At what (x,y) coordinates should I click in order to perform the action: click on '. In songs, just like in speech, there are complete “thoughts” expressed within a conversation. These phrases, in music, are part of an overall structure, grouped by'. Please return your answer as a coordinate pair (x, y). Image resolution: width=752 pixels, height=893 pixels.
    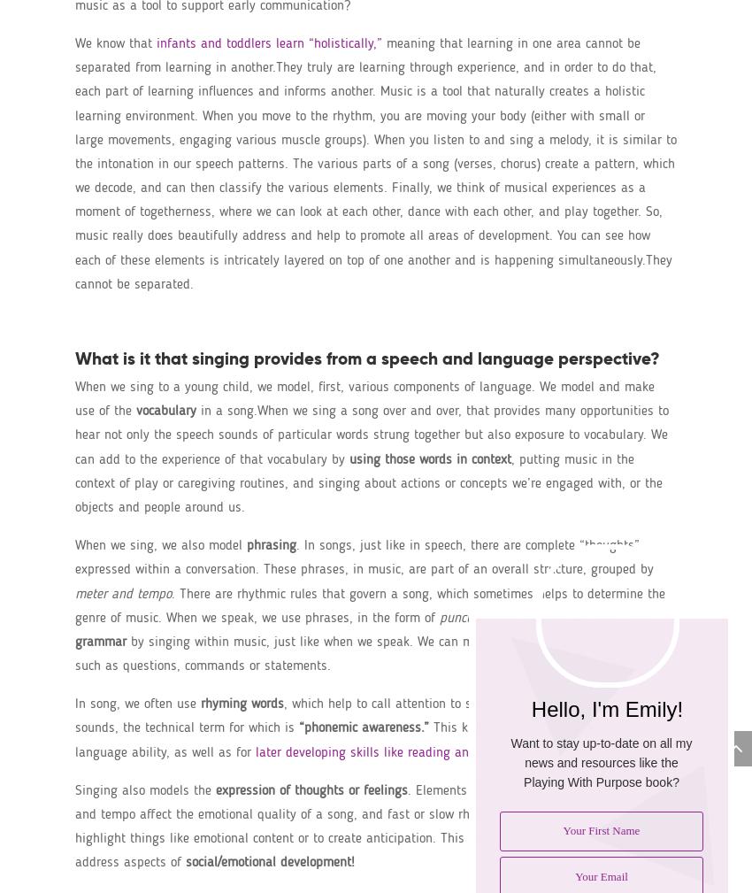
    Looking at the image, I should click on (364, 558).